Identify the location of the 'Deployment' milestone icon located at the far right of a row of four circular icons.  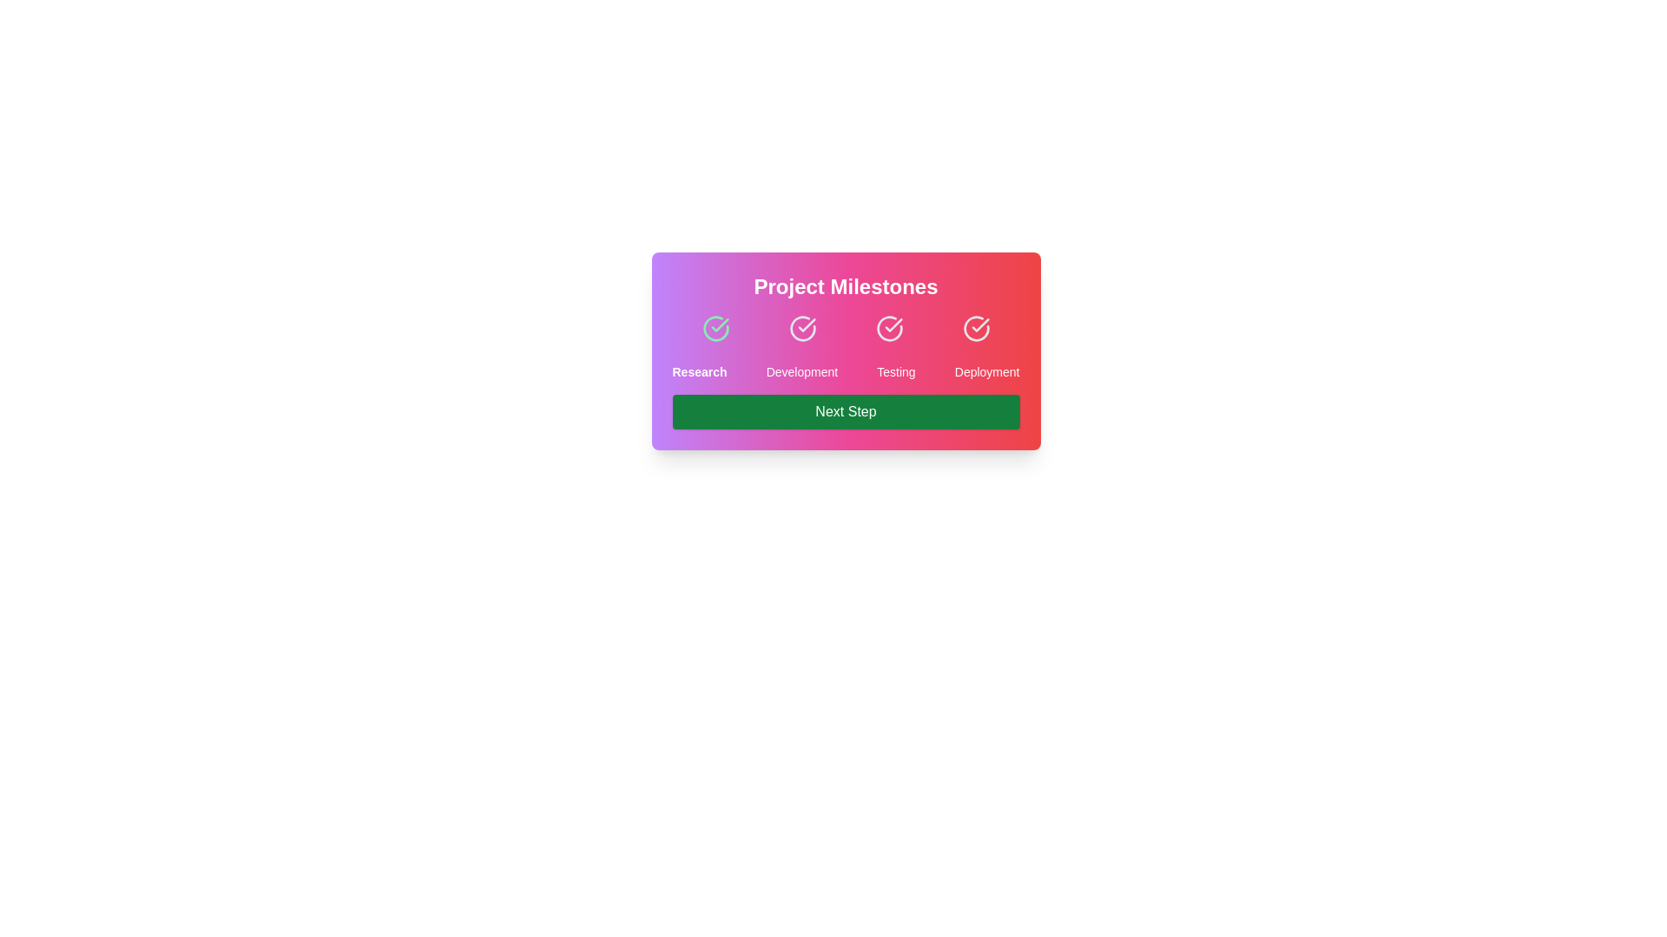
(976, 328).